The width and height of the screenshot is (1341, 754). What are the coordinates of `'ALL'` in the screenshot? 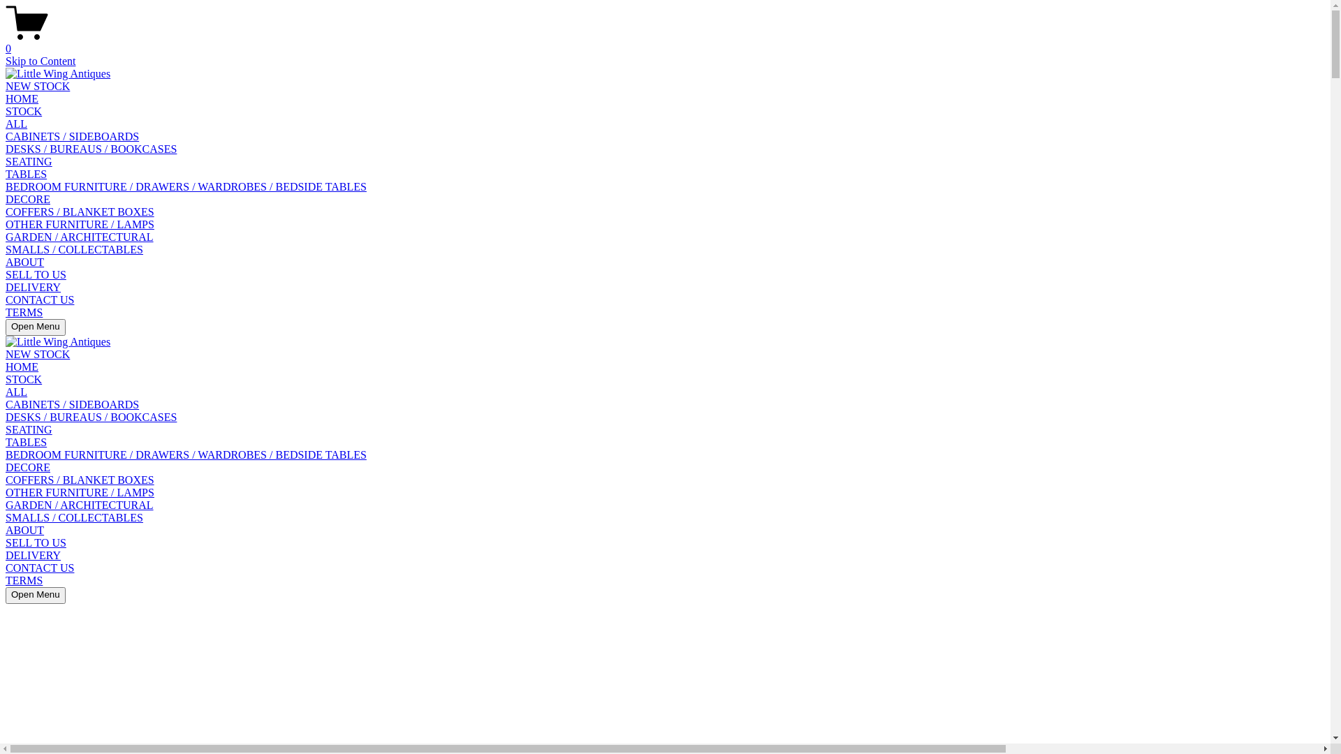 It's located at (16, 392).